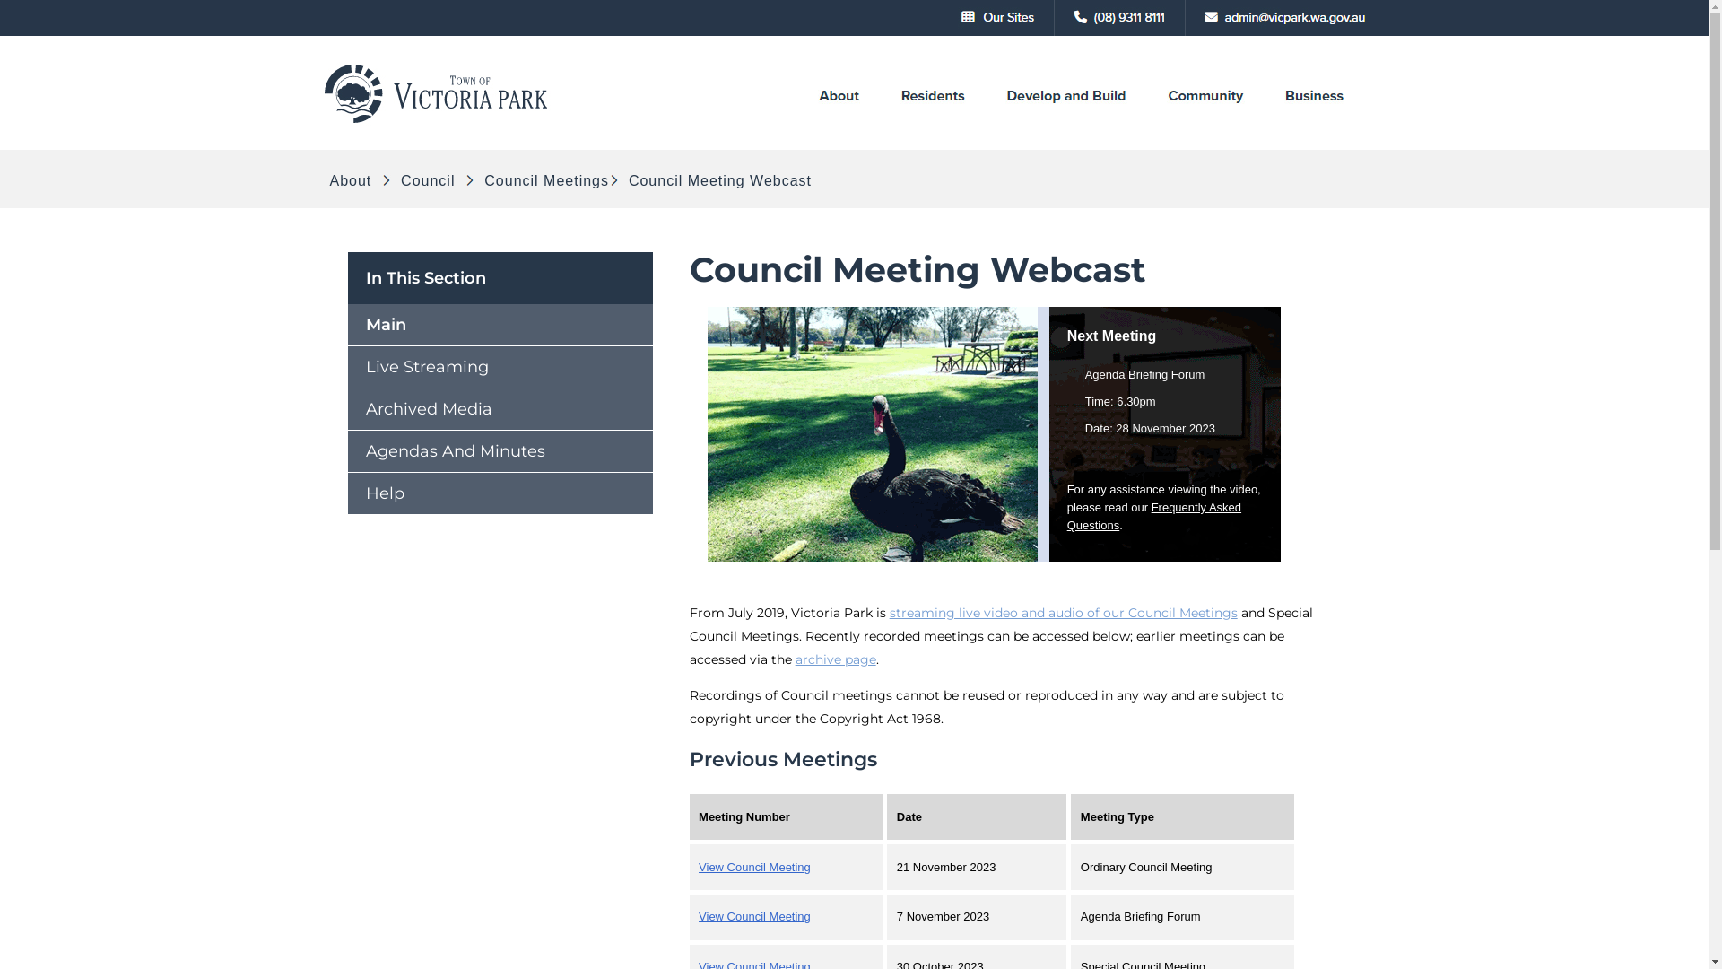 This screenshot has width=1722, height=969. What do you see at coordinates (931, 121) in the screenshot?
I see `'Residents'` at bounding box center [931, 121].